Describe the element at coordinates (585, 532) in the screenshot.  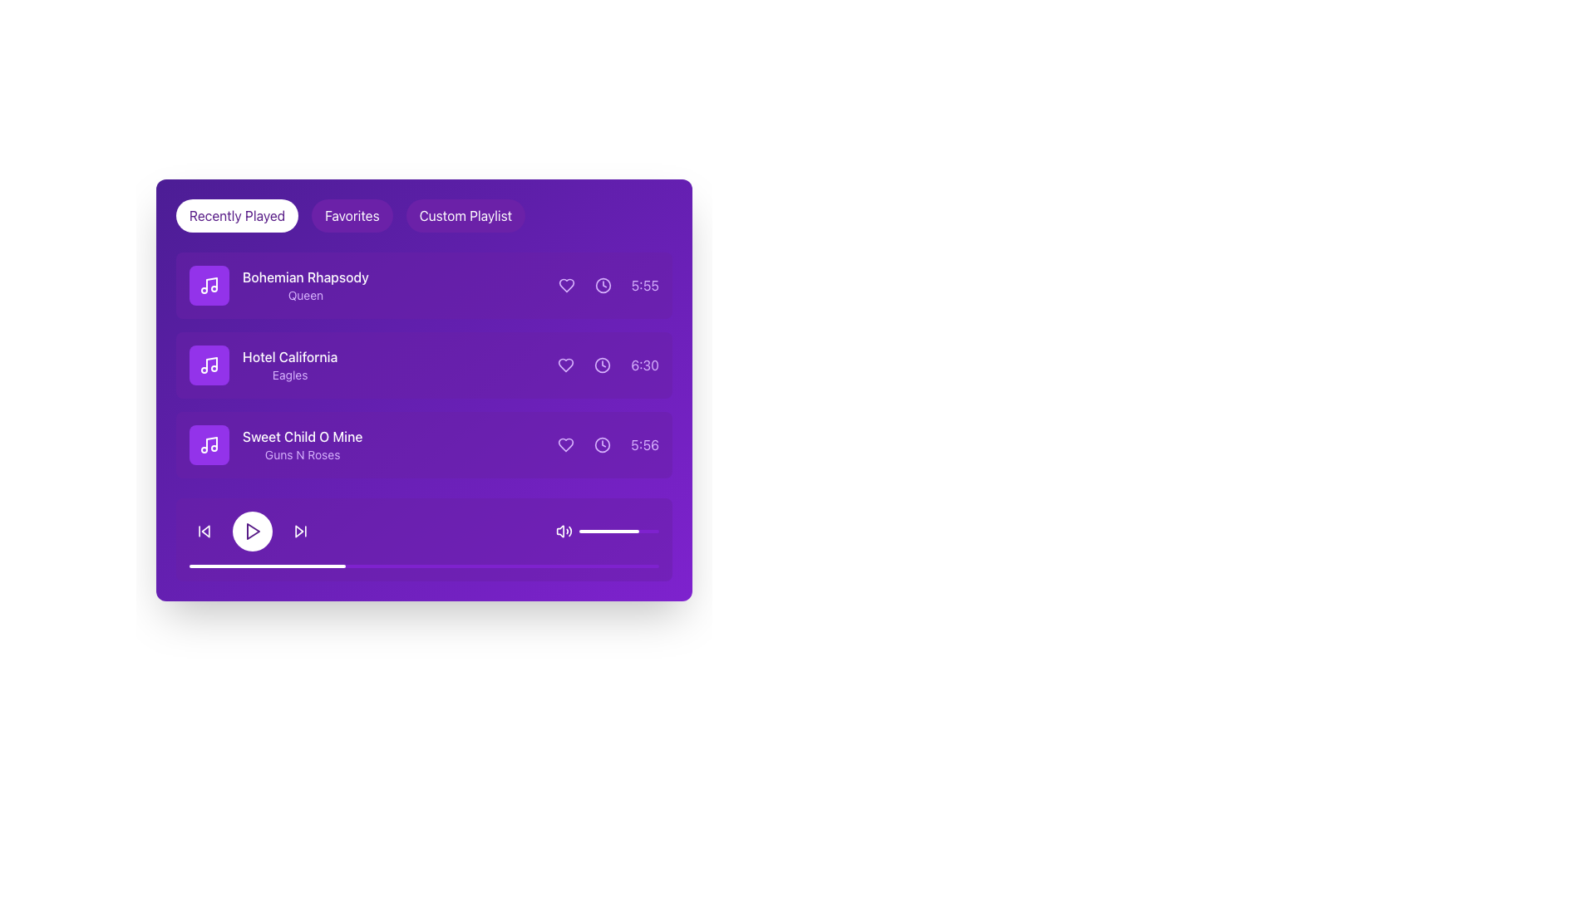
I see `the volume level` at that location.